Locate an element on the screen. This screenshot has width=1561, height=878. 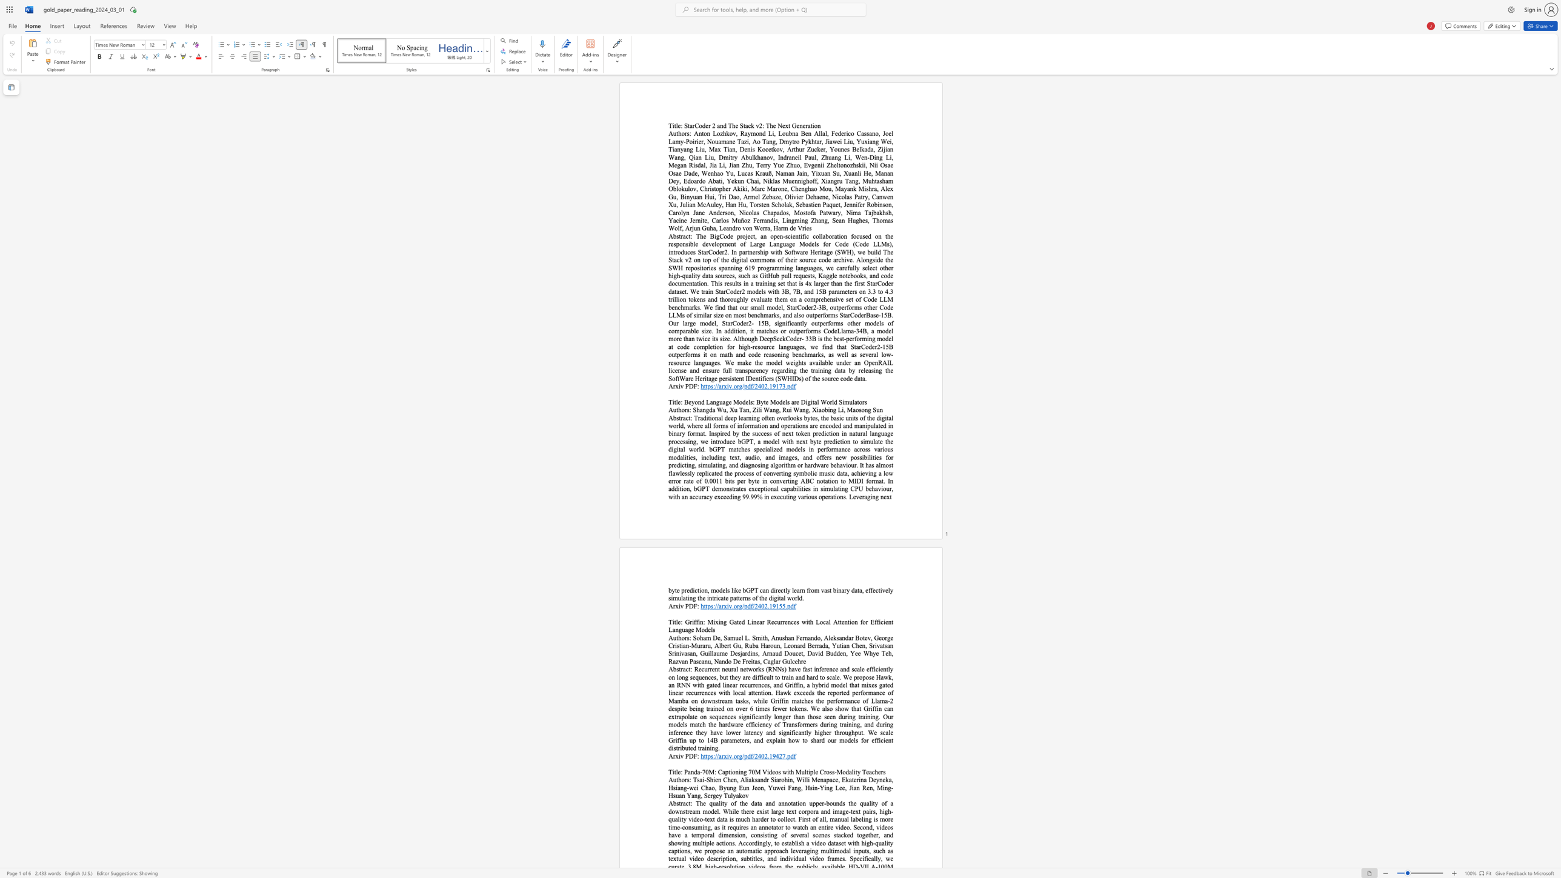
the subset text "s://arxiv.org/" within the text "https://arxiv.org/pdf/2402.19173.pdf" is located at coordinates (710, 385).